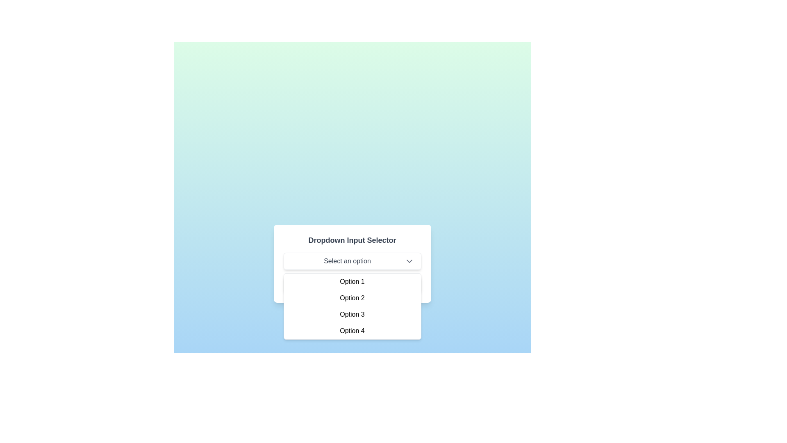  Describe the element at coordinates (352, 261) in the screenshot. I see `the dropdown menu located below the title 'Dropdown Input Selector'` at that location.